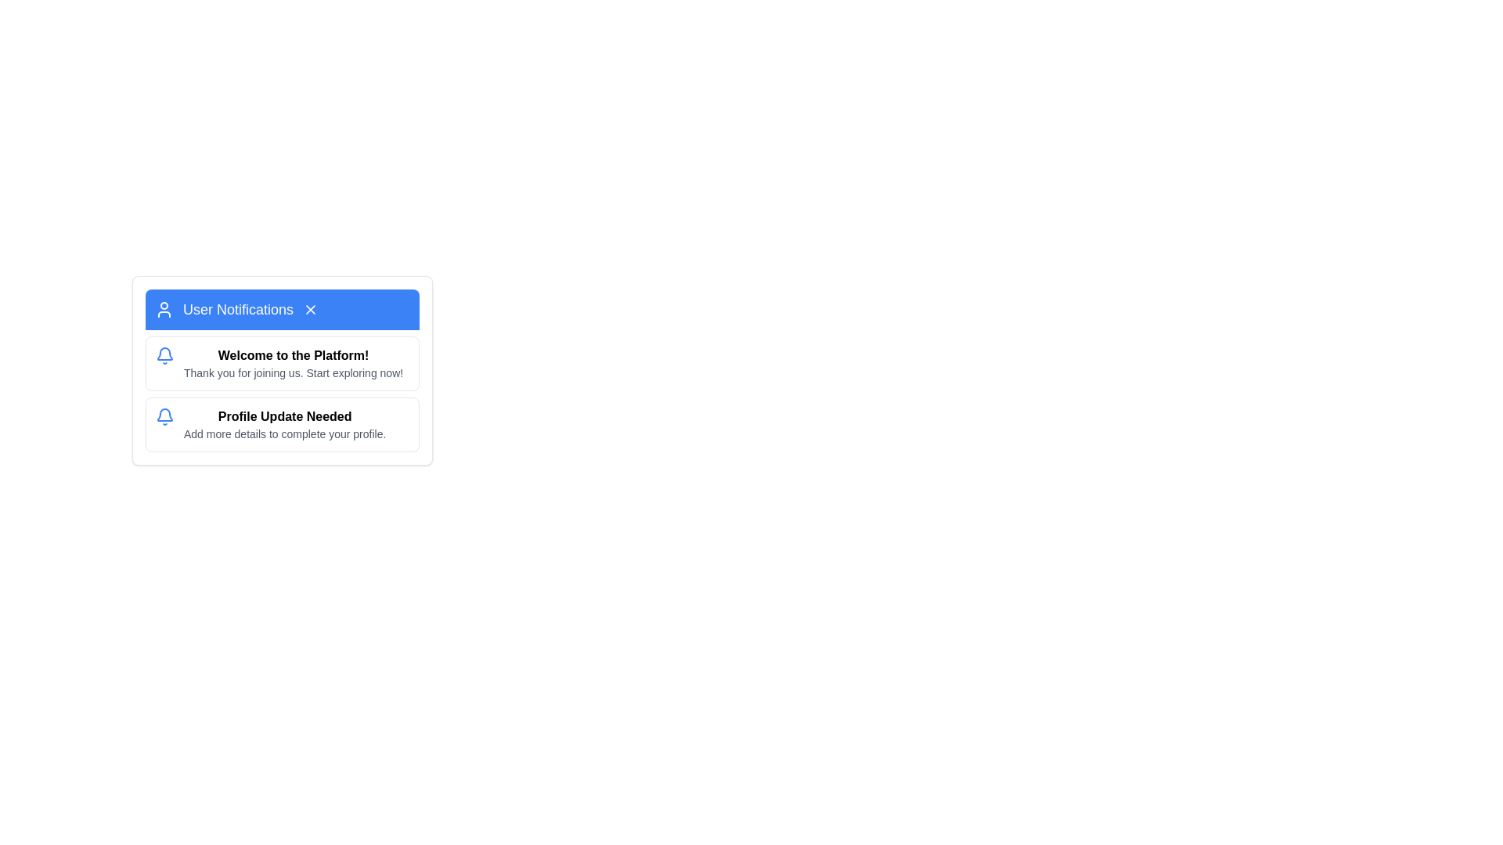 This screenshot has height=845, width=1503. What do you see at coordinates (311, 310) in the screenshot?
I see `the small button with an 'X' icon in white color located at the rightmost end of the blue header labeled 'User Notifications'` at bounding box center [311, 310].